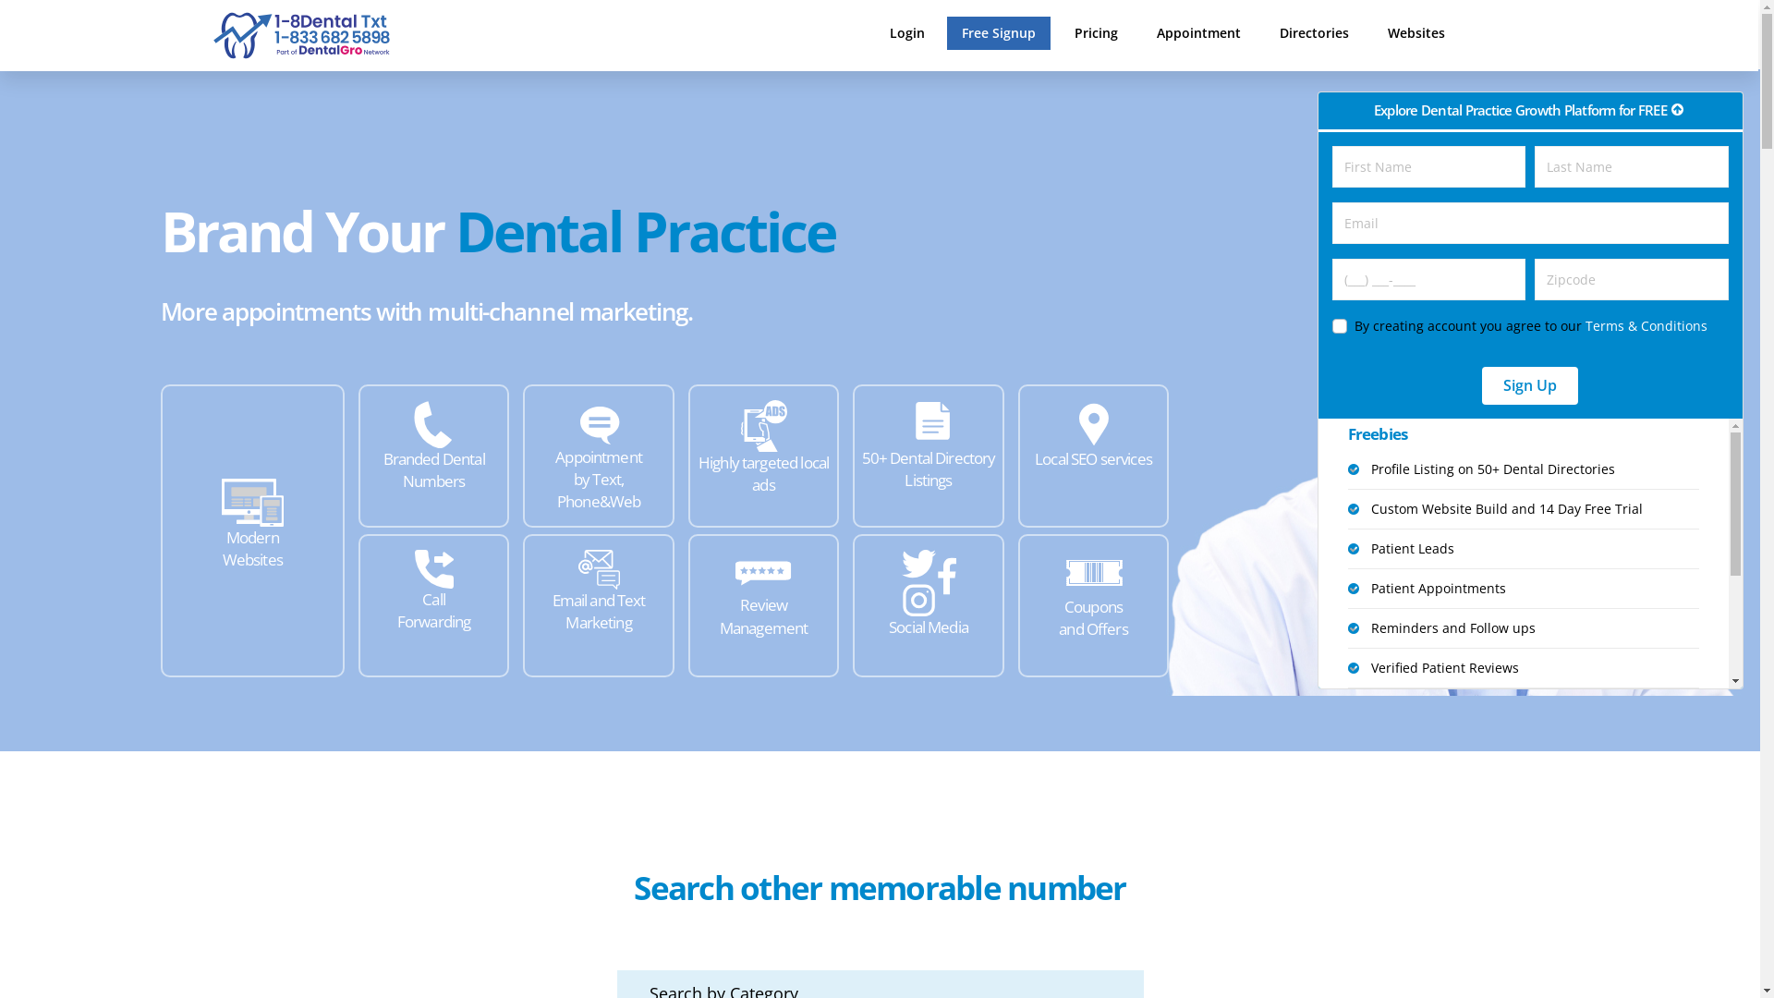  Describe the element at coordinates (598, 456) in the screenshot. I see `'Appointment` at that location.